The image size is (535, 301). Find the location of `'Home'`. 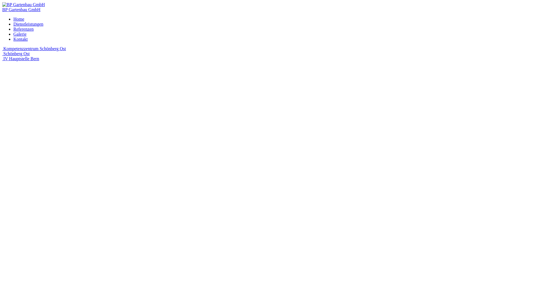

'Home' is located at coordinates (13, 19).